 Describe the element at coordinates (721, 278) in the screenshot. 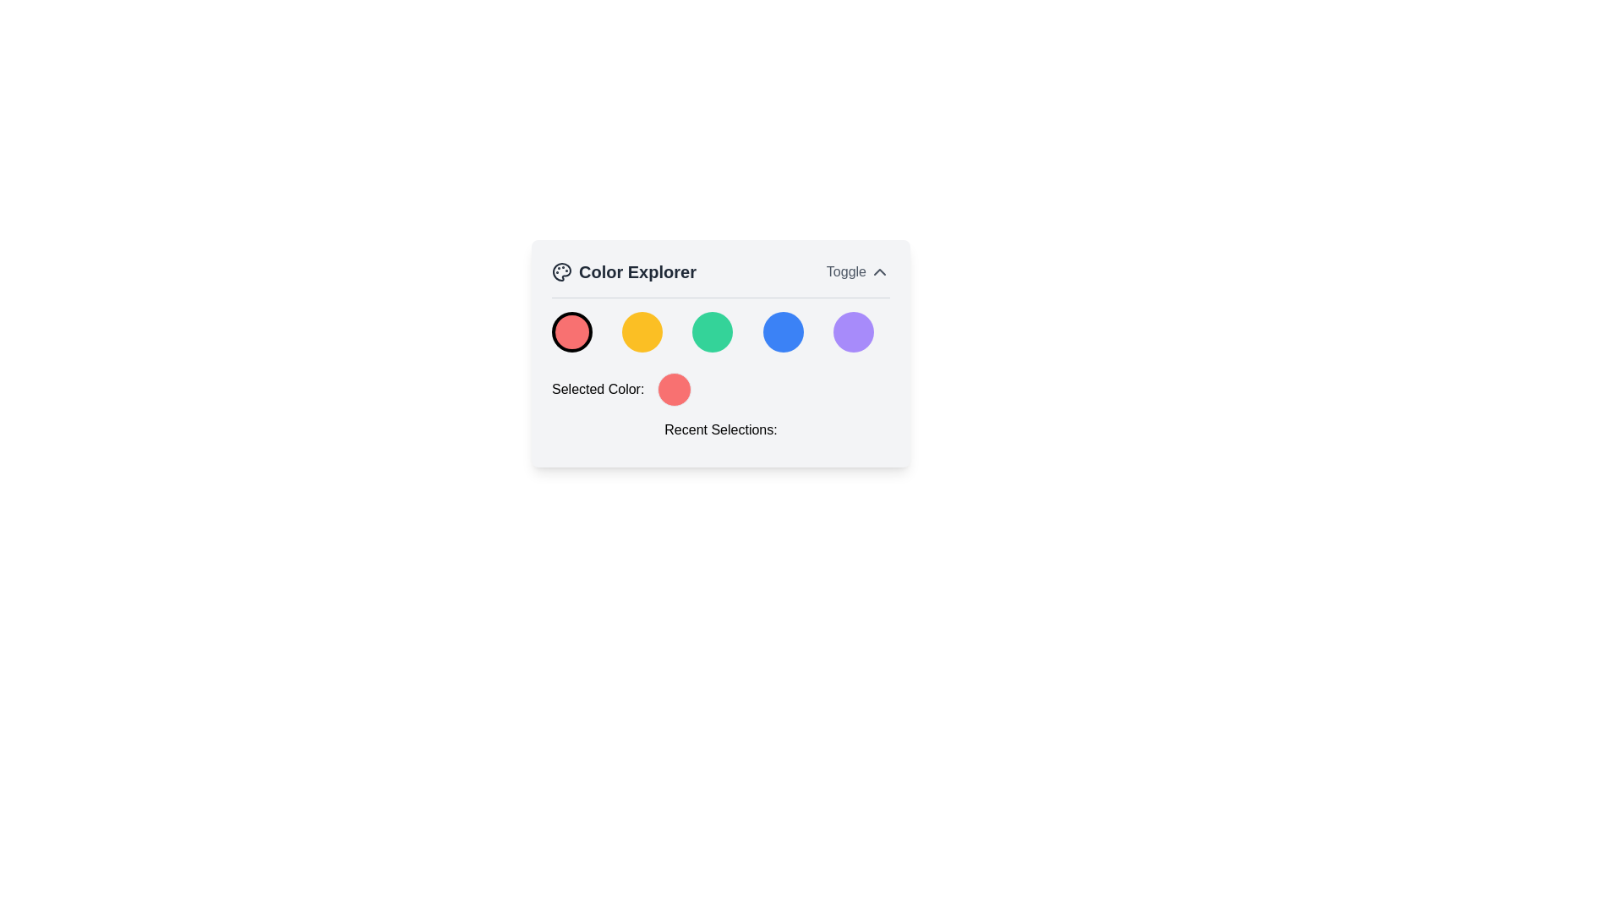

I see `toggle button in the 'Color Explorer' header by hovering over the chevron icon to check for visual feedback on interactivity` at that location.